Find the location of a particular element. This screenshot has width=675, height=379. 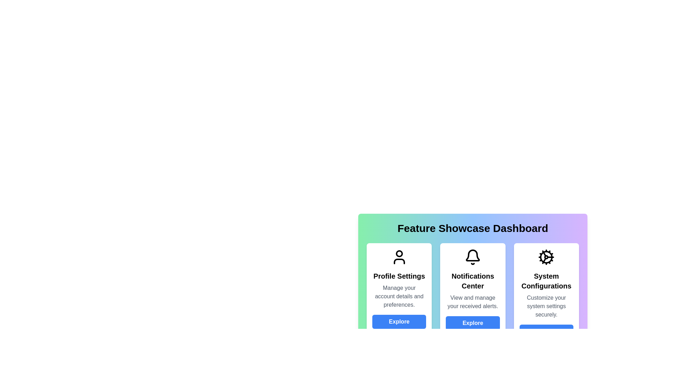

the notifications icon located at the top center of the Notifications Center card, which serves as the visual indicator for notifications and alerts is located at coordinates (472, 257).